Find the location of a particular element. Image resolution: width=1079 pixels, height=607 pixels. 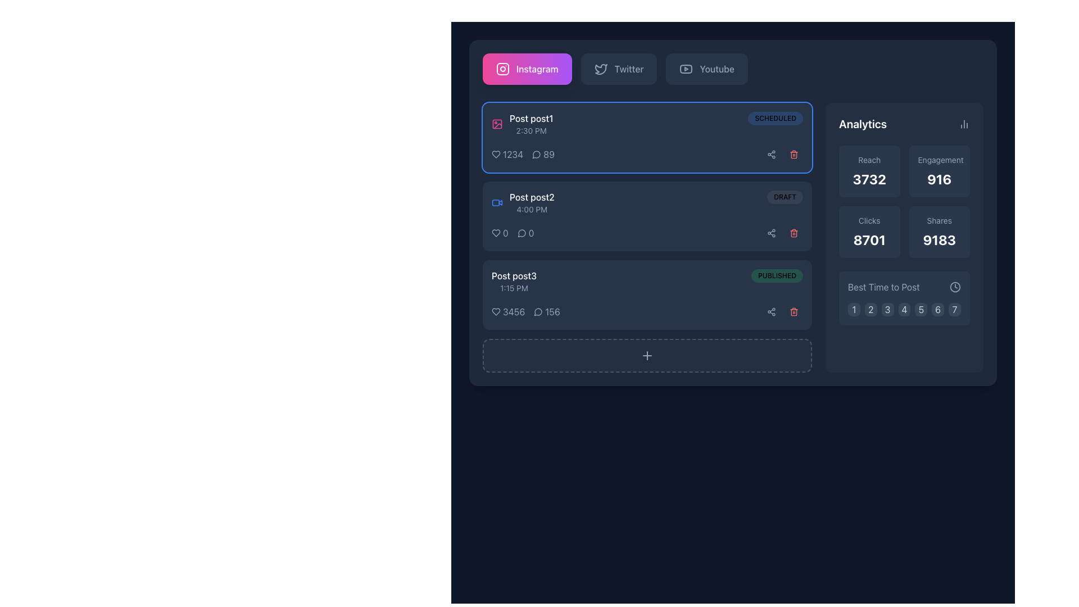

the 'DRAFT' label element styled as a rounded rectangle located in the upper-right corner of the 'Post post2' card is located at coordinates (785, 197).